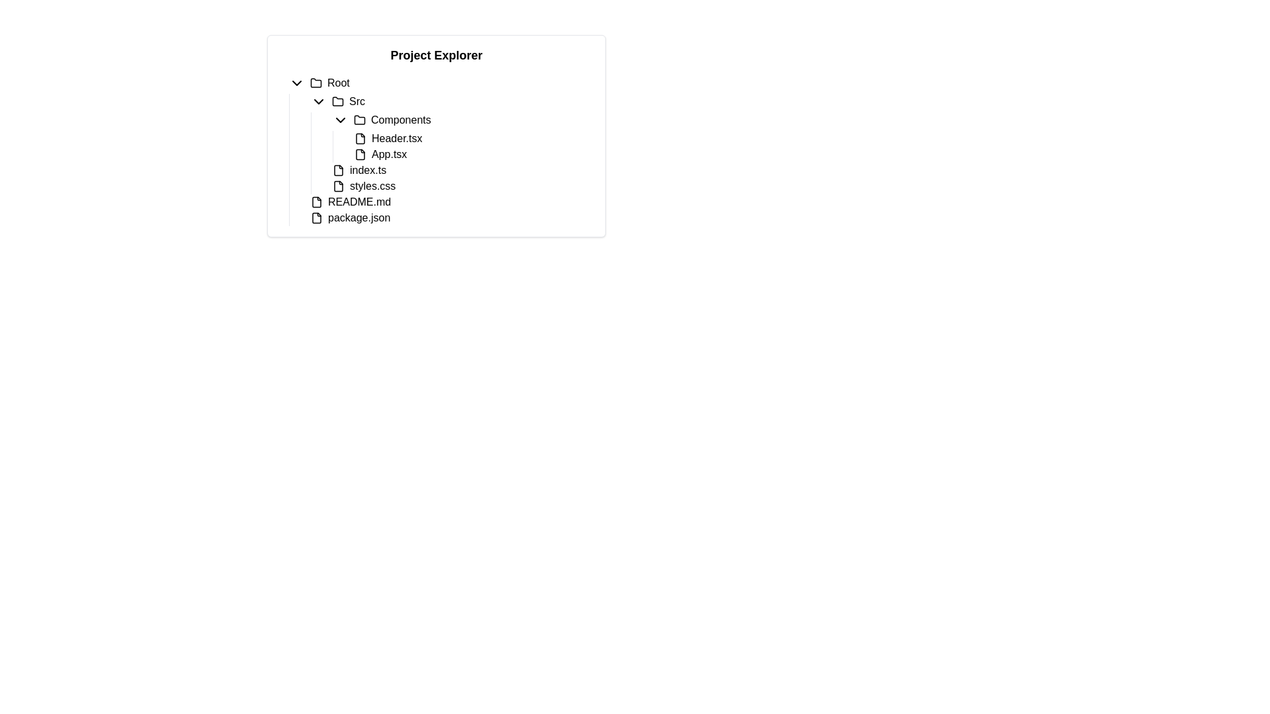 The image size is (1270, 714). Describe the element at coordinates (452, 152) in the screenshot. I see `the 'Components' folder within the 'Src' section of the Project Explorer` at that location.